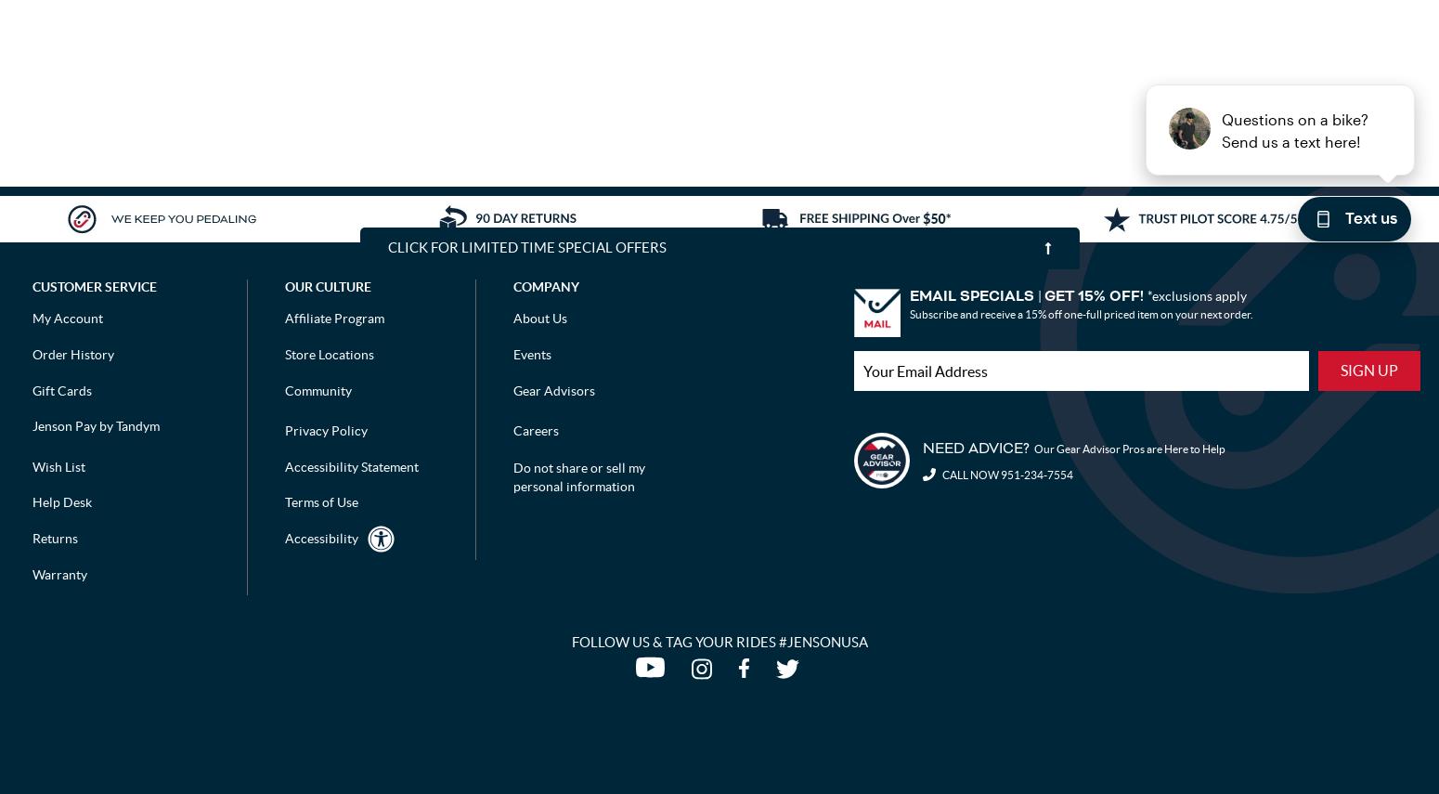 This screenshot has width=1439, height=794. What do you see at coordinates (1196, 295) in the screenshot?
I see `'*exclusions apply'` at bounding box center [1196, 295].